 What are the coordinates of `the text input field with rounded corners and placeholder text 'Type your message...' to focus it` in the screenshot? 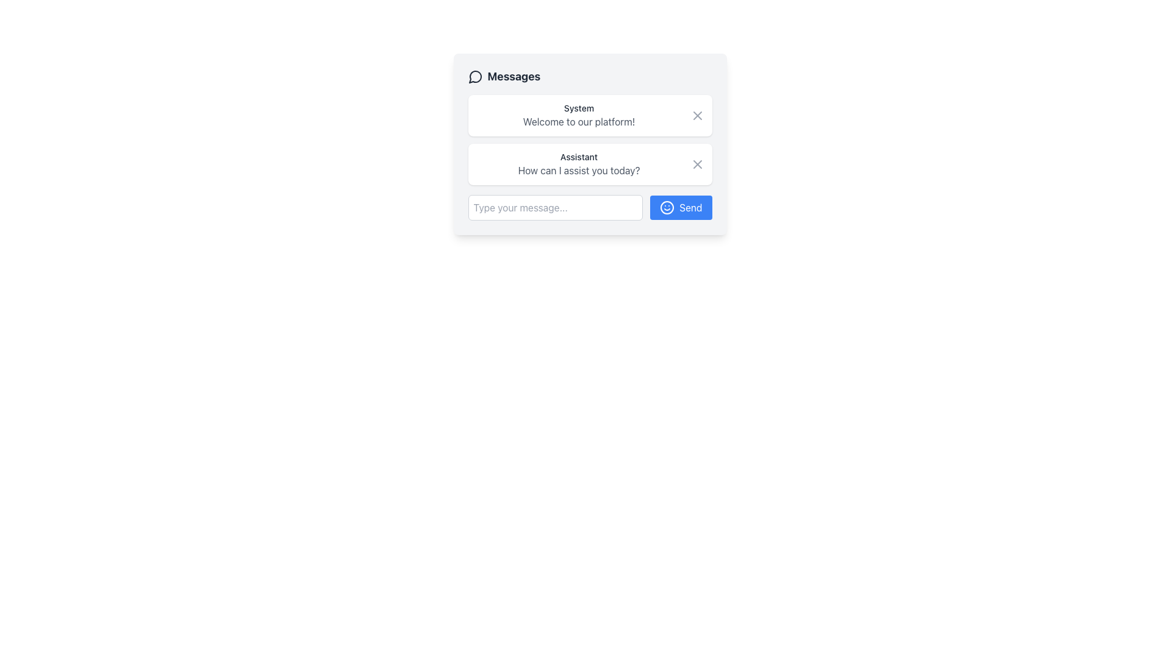 It's located at (554, 207).